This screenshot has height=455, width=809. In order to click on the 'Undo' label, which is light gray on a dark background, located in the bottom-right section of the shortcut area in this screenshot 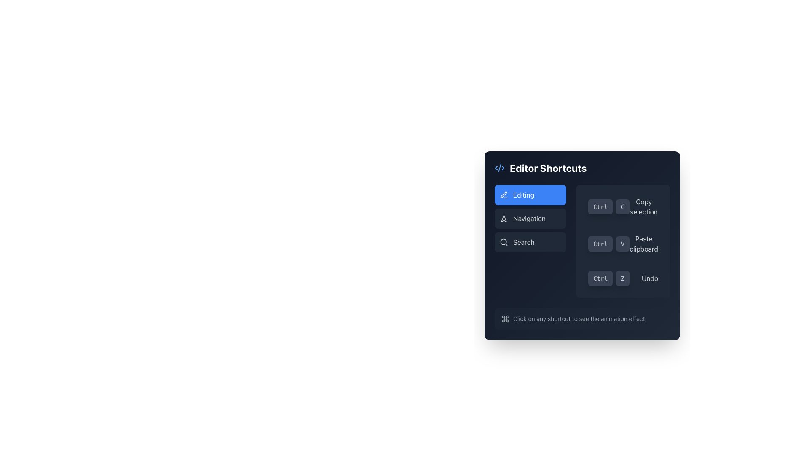, I will do `click(649, 278)`.